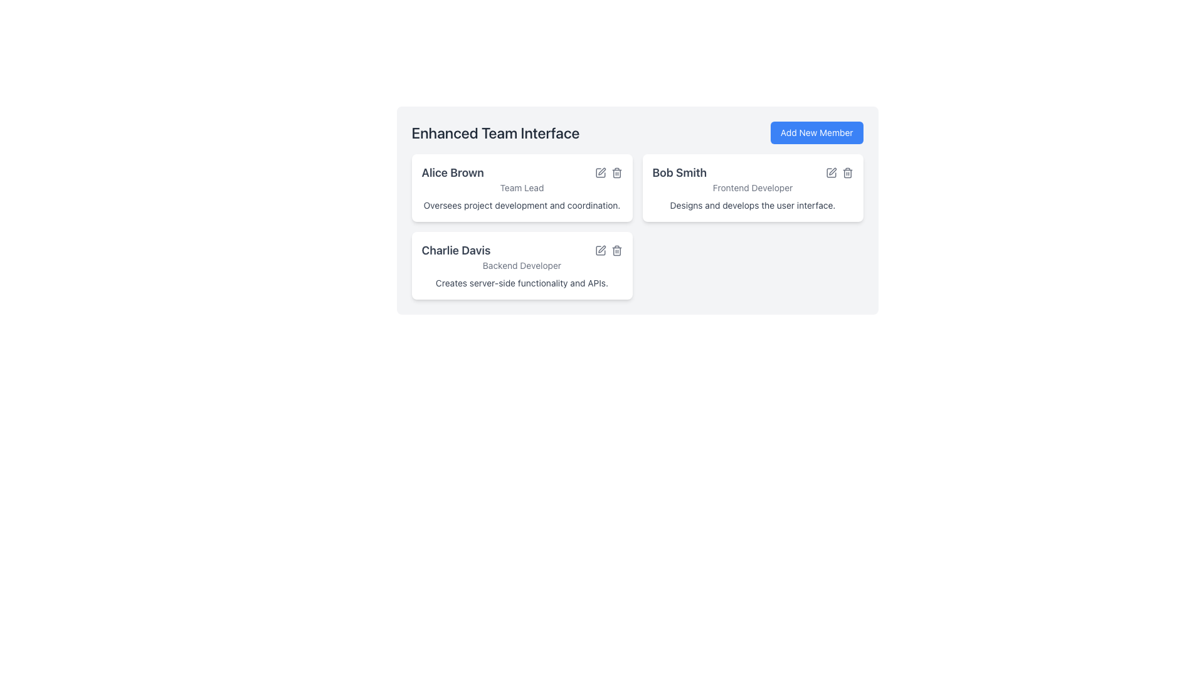  Describe the element at coordinates (816, 133) in the screenshot. I see `the button for adding new members located at the top right corner of the section next to the 'Enhanced Team Interface' heading to observe a visual response such as a color change` at that location.